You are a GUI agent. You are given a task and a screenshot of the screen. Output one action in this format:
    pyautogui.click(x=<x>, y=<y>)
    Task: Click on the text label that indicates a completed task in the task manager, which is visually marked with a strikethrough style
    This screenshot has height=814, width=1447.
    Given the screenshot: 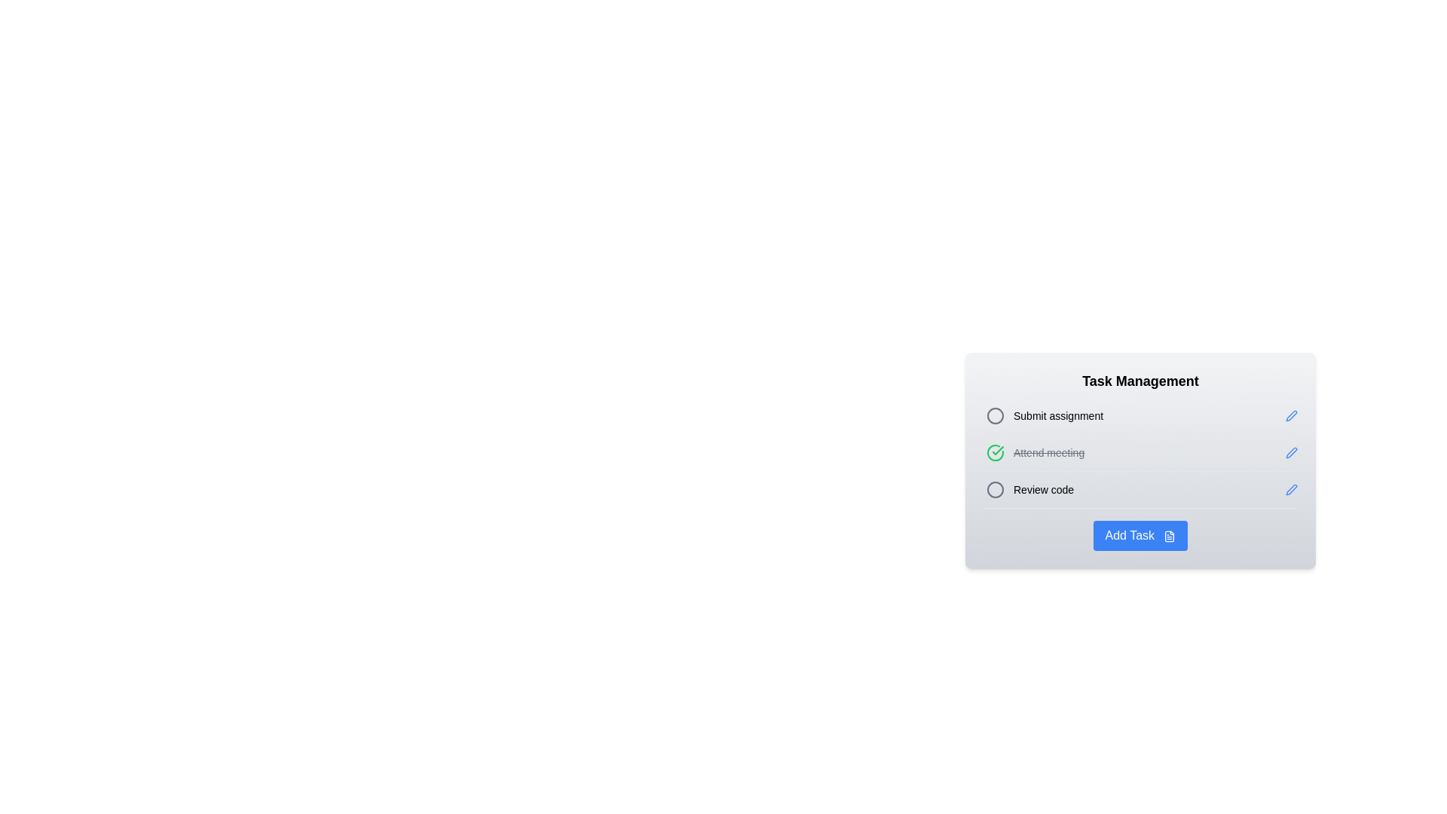 What is the action you would take?
    pyautogui.click(x=1048, y=452)
    